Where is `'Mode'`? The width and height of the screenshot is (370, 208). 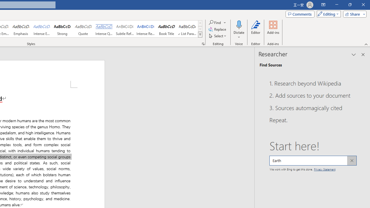 'Mode' is located at coordinates (328, 14).